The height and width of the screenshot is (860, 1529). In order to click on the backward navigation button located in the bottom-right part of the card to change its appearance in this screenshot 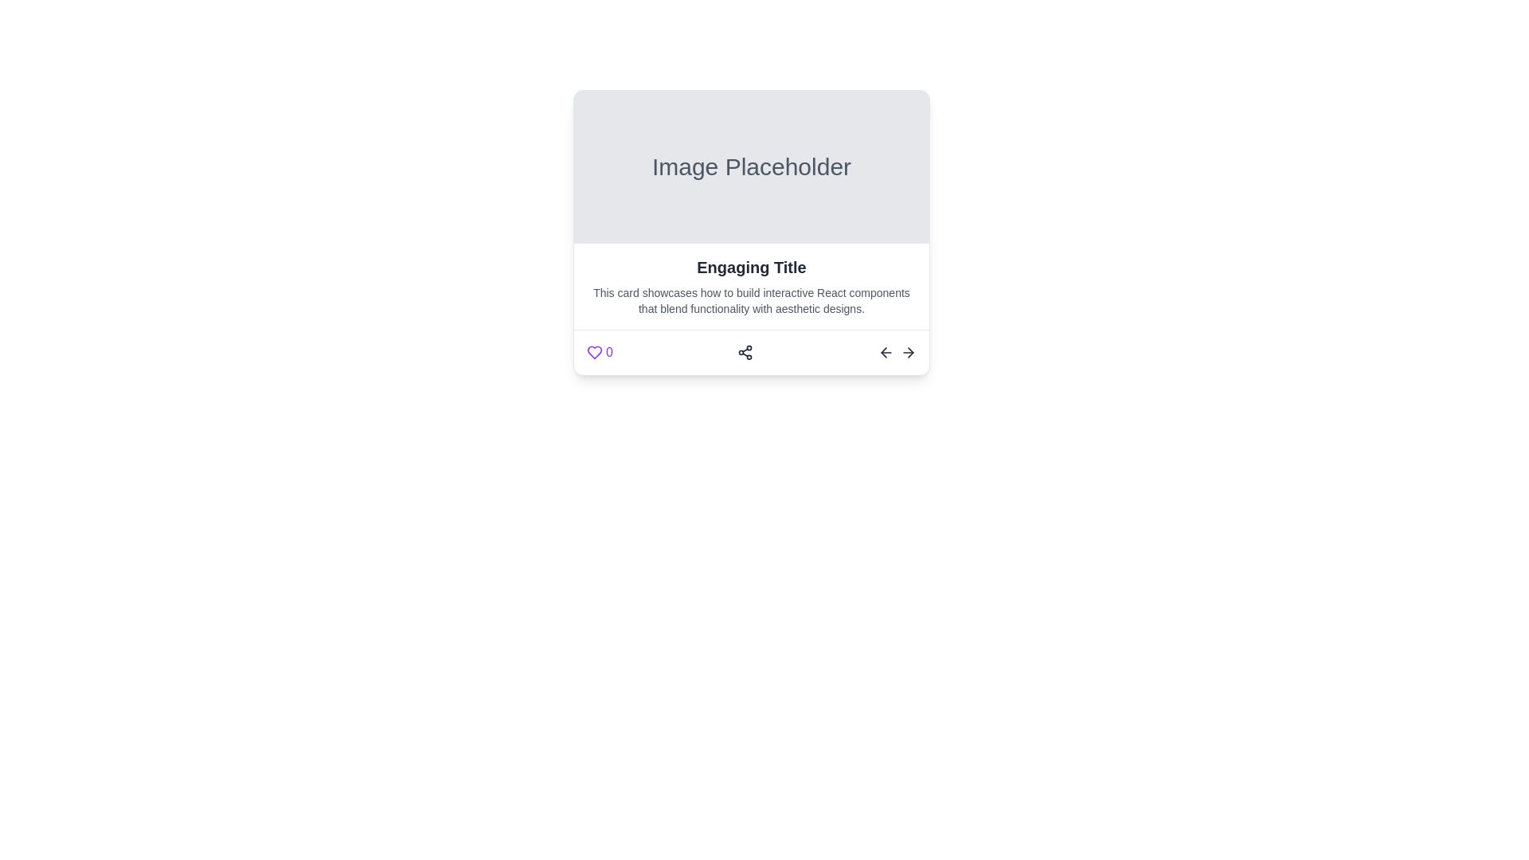, I will do `click(886, 352)`.